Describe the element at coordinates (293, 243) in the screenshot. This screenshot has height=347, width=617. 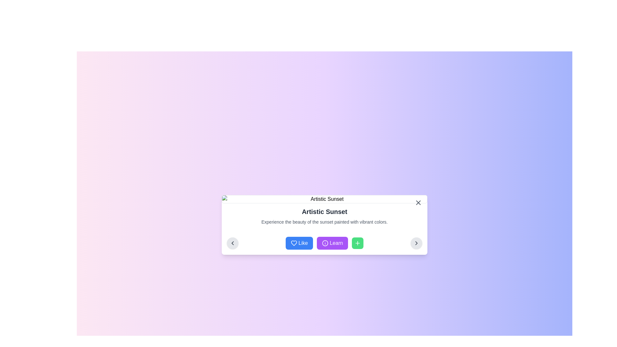
I see `the heart-shaped icon within the 'Like' button to potentially display additional information or a tooltip` at that location.